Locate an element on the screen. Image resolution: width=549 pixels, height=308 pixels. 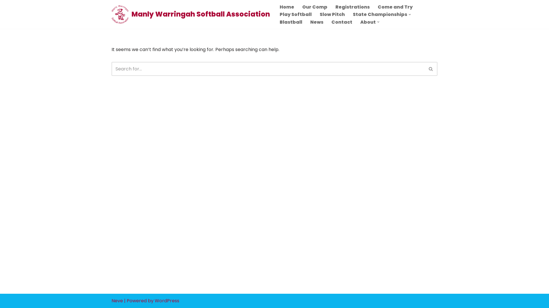
'Blastball' is located at coordinates (291, 22).